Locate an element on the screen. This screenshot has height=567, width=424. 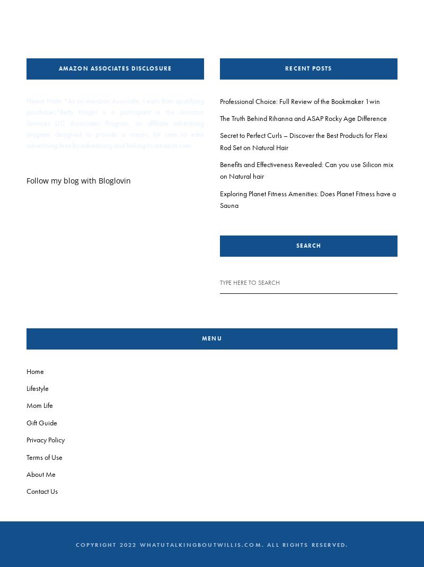
'Follow my blog with Bloglovin' is located at coordinates (26, 180).